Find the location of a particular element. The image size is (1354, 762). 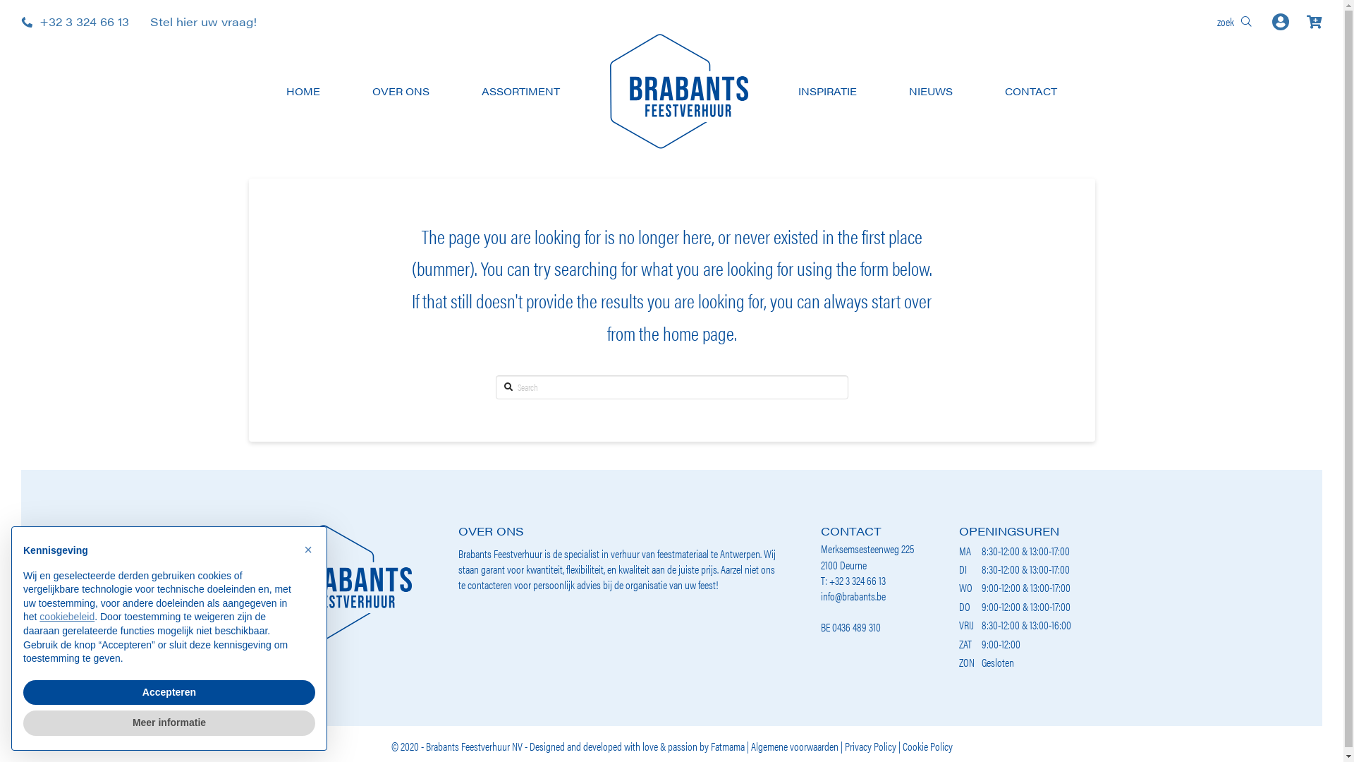

'HOME' is located at coordinates (303, 90).